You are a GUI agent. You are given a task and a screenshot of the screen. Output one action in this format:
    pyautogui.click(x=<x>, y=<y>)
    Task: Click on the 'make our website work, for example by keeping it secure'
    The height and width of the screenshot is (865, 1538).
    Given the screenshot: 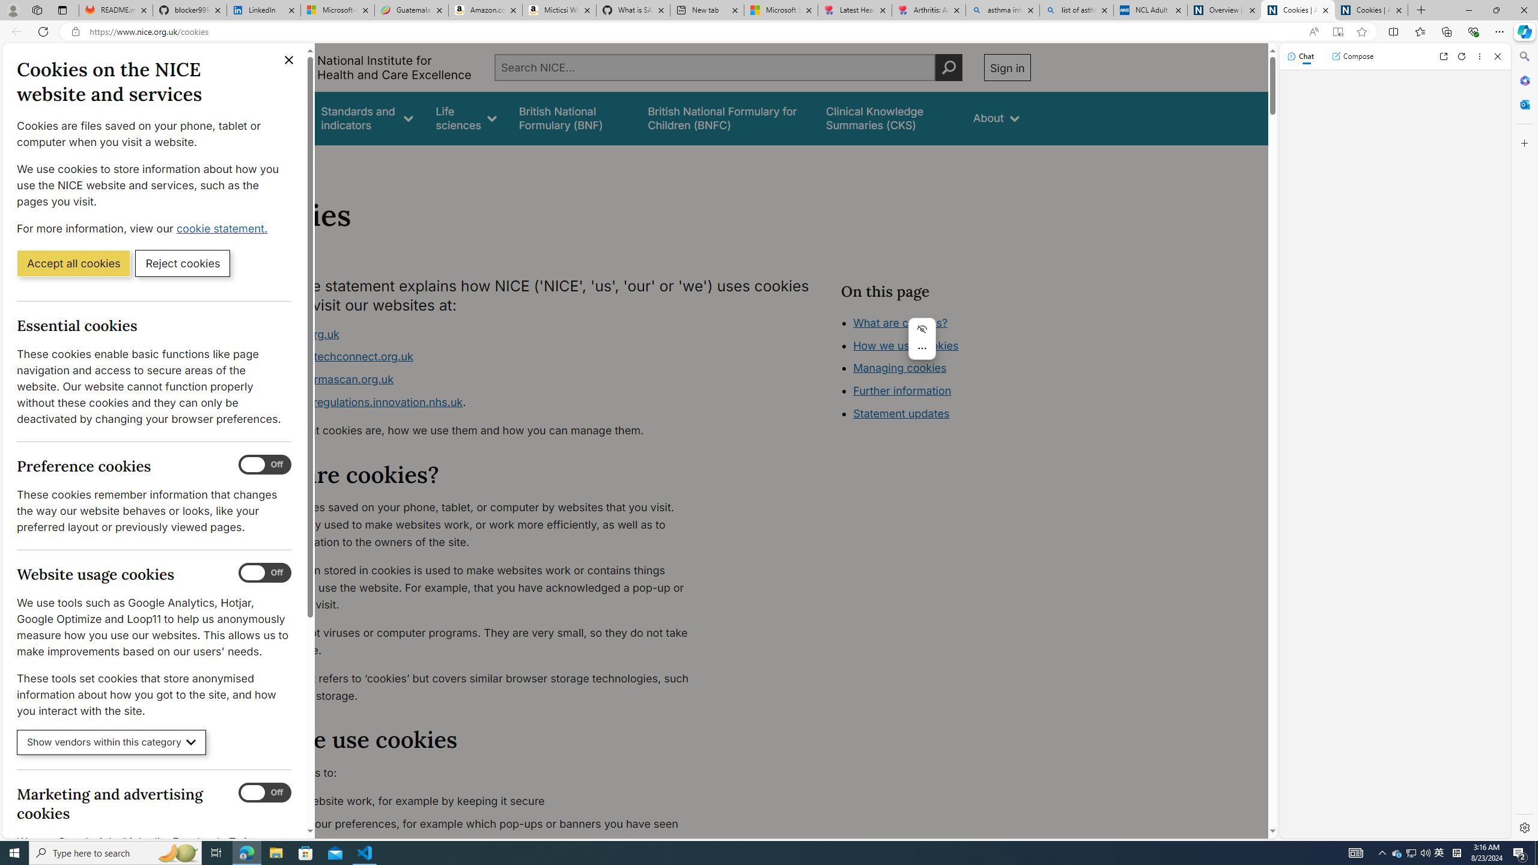 What is the action you would take?
    pyautogui.click(x=478, y=801)
    